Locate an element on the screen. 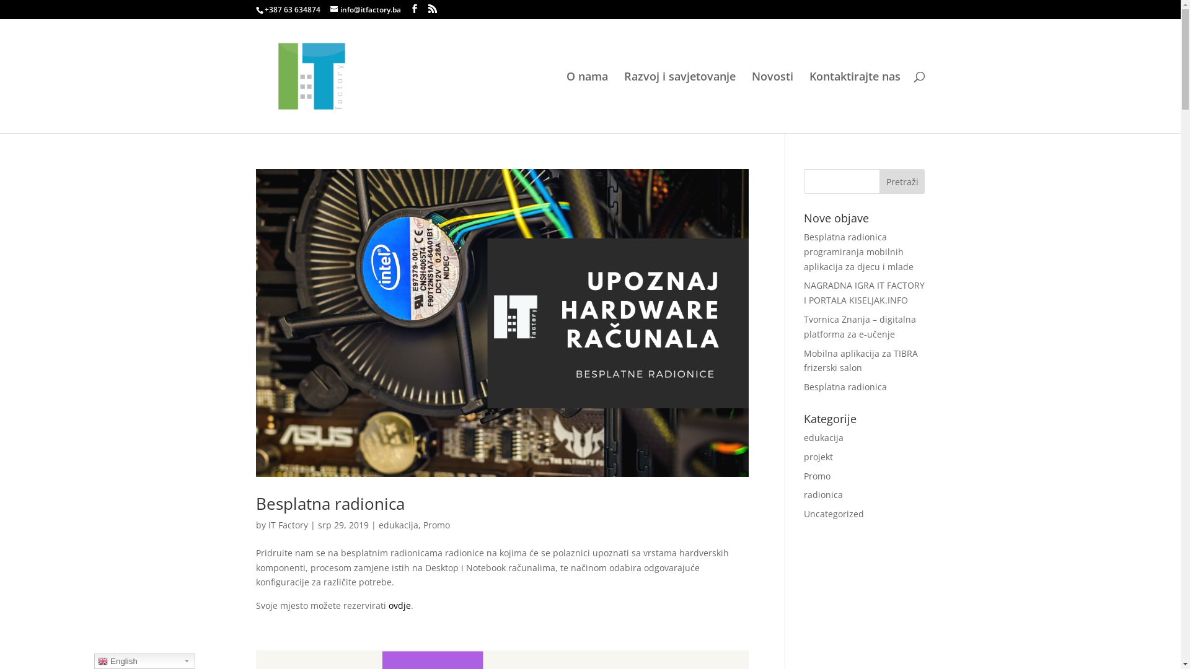  'O nama' is located at coordinates (586, 102).